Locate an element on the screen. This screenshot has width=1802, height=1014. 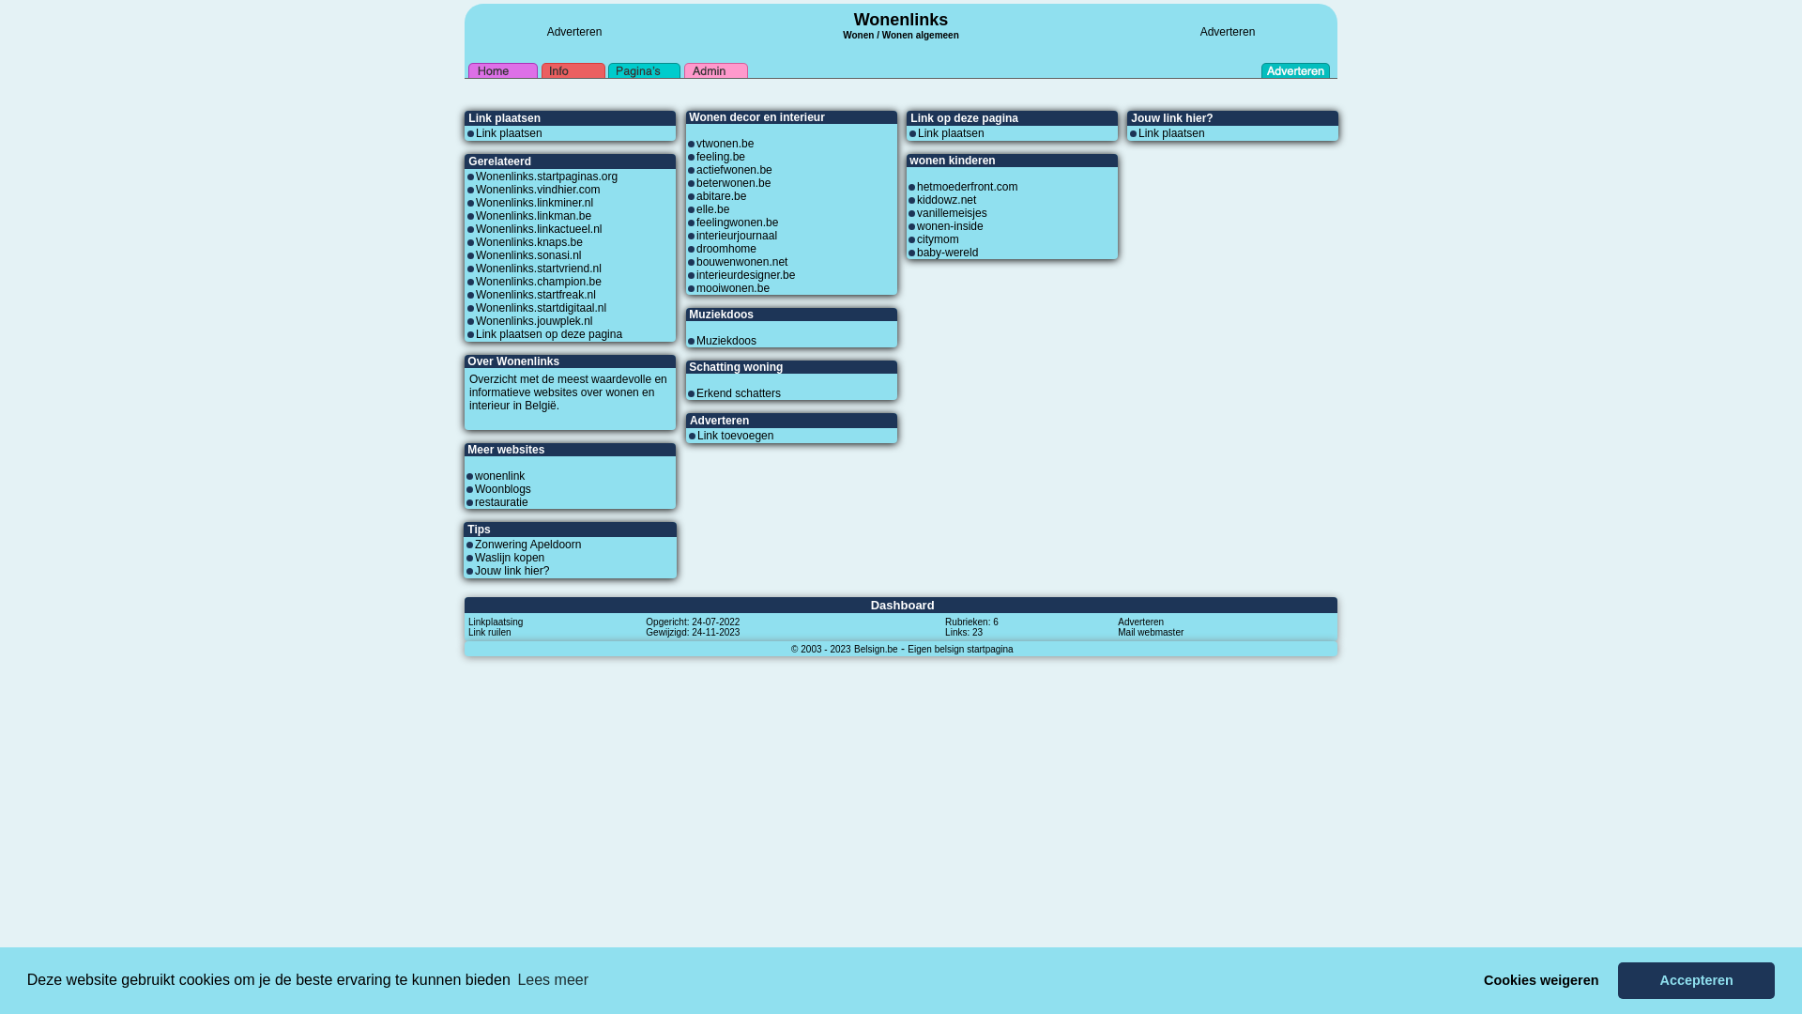
'Wonenlinks.startfreak.nl' is located at coordinates (535, 294).